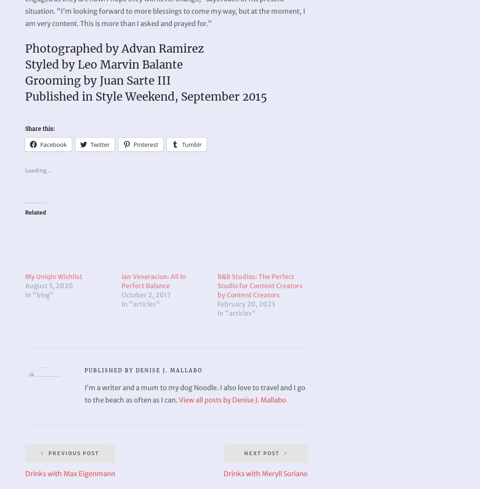  I want to click on 'Denise J. Mallabo', so click(169, 370).